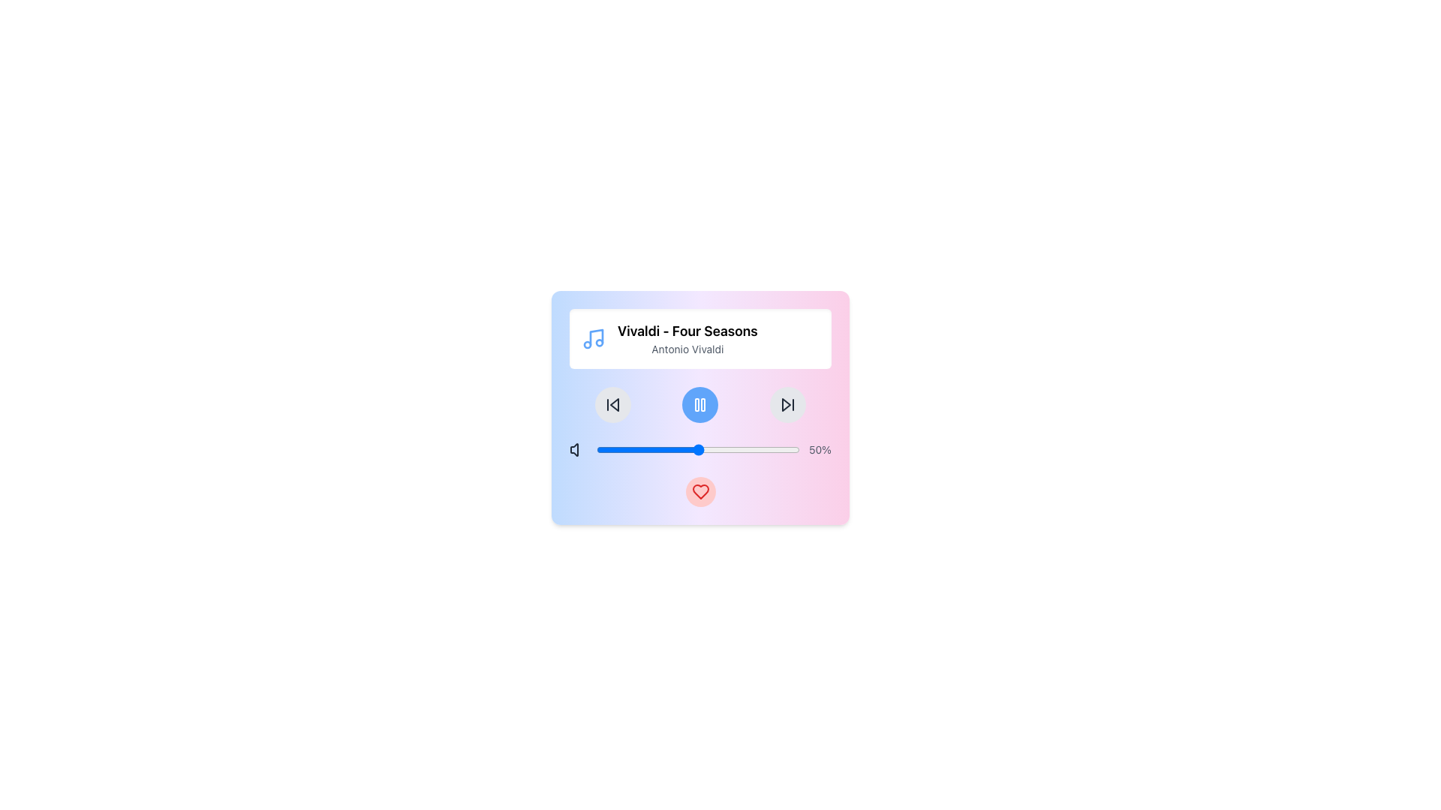 This screenshot has width=1441, height=810. What do you see at coordinates (820, 449) in the screenshot?
I see `the text label displaying '50%' in light gray color located in the bottom right section of the media player interface` at bounding box center [820, 449].